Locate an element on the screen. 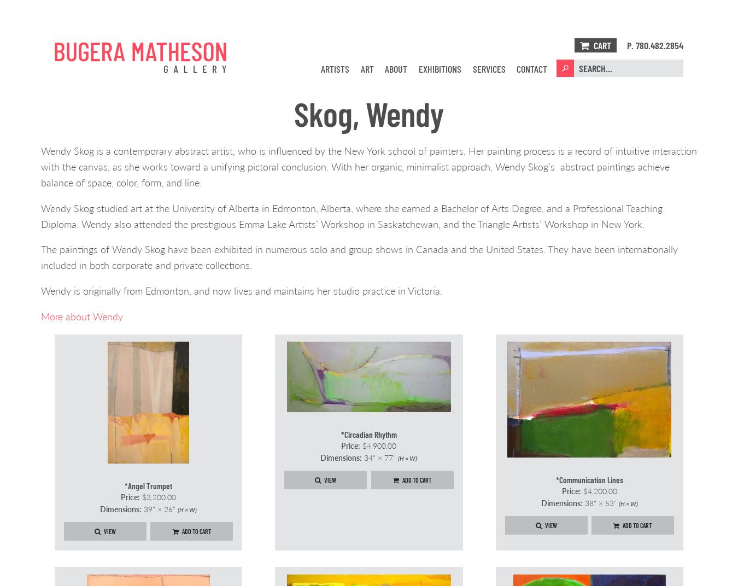 This screenshot has width=738, height=586. 'More about Wendy' is located at coordinates (81, 315).